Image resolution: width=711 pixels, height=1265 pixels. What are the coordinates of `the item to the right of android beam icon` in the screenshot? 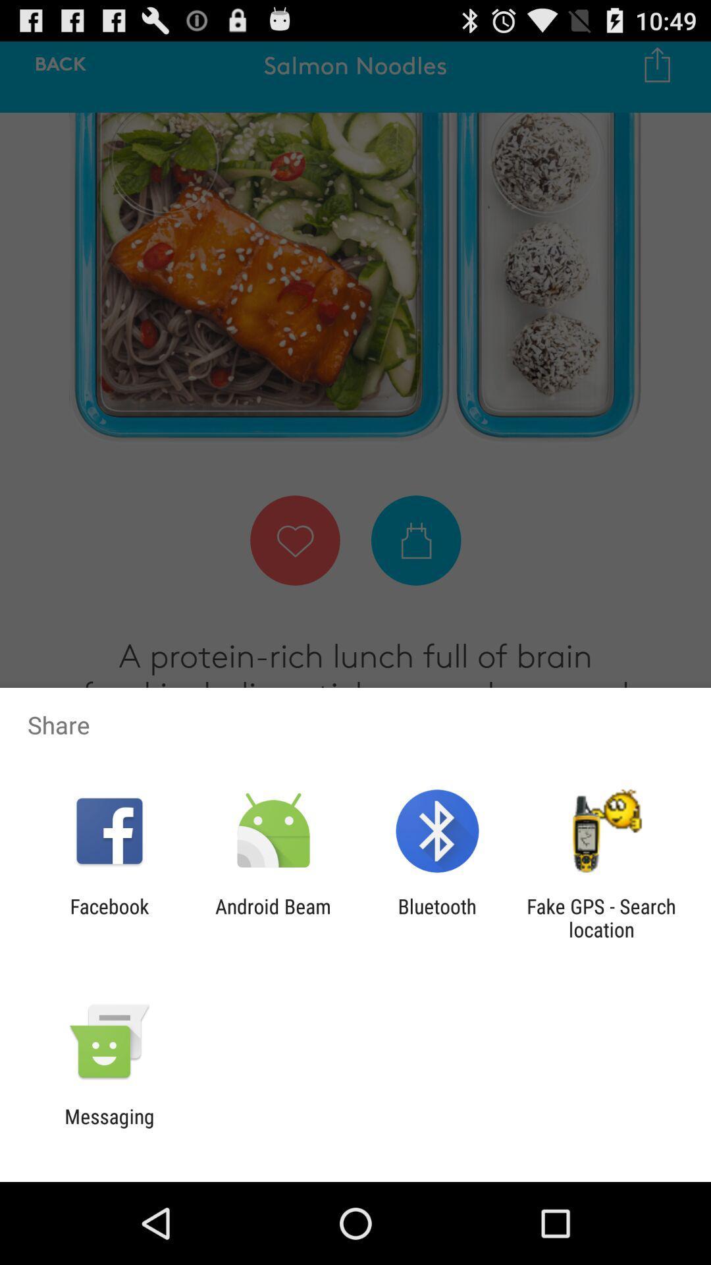 It's located at (437, 917).